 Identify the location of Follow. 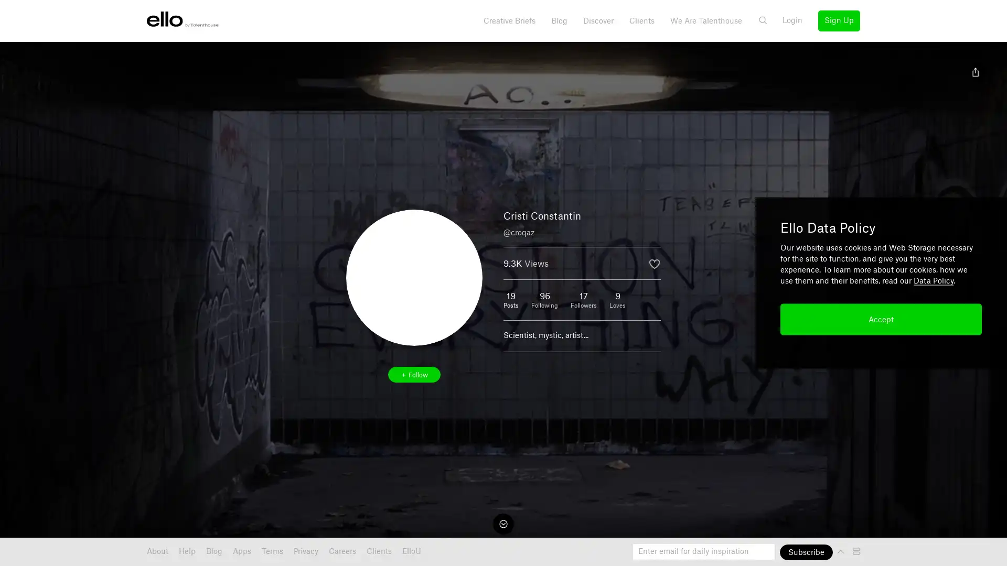
(414, 374).